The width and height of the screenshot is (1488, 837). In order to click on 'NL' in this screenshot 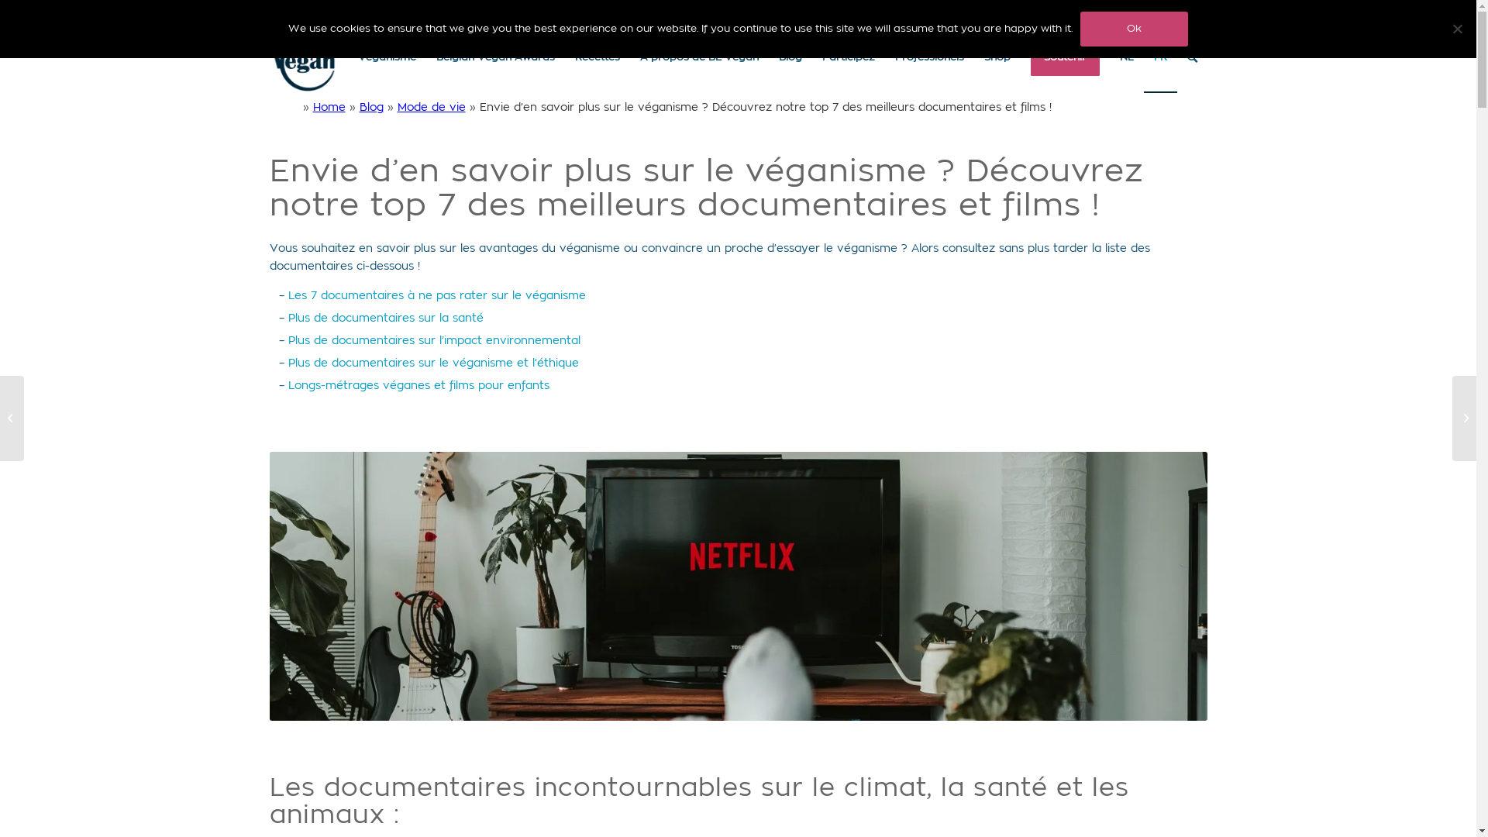, I will do `click(1108, 57)`.